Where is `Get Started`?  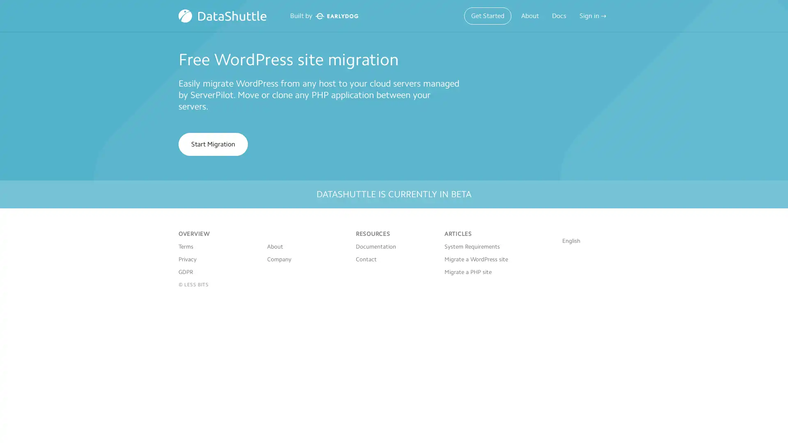
Get Started is located at coordinates (488, 16).